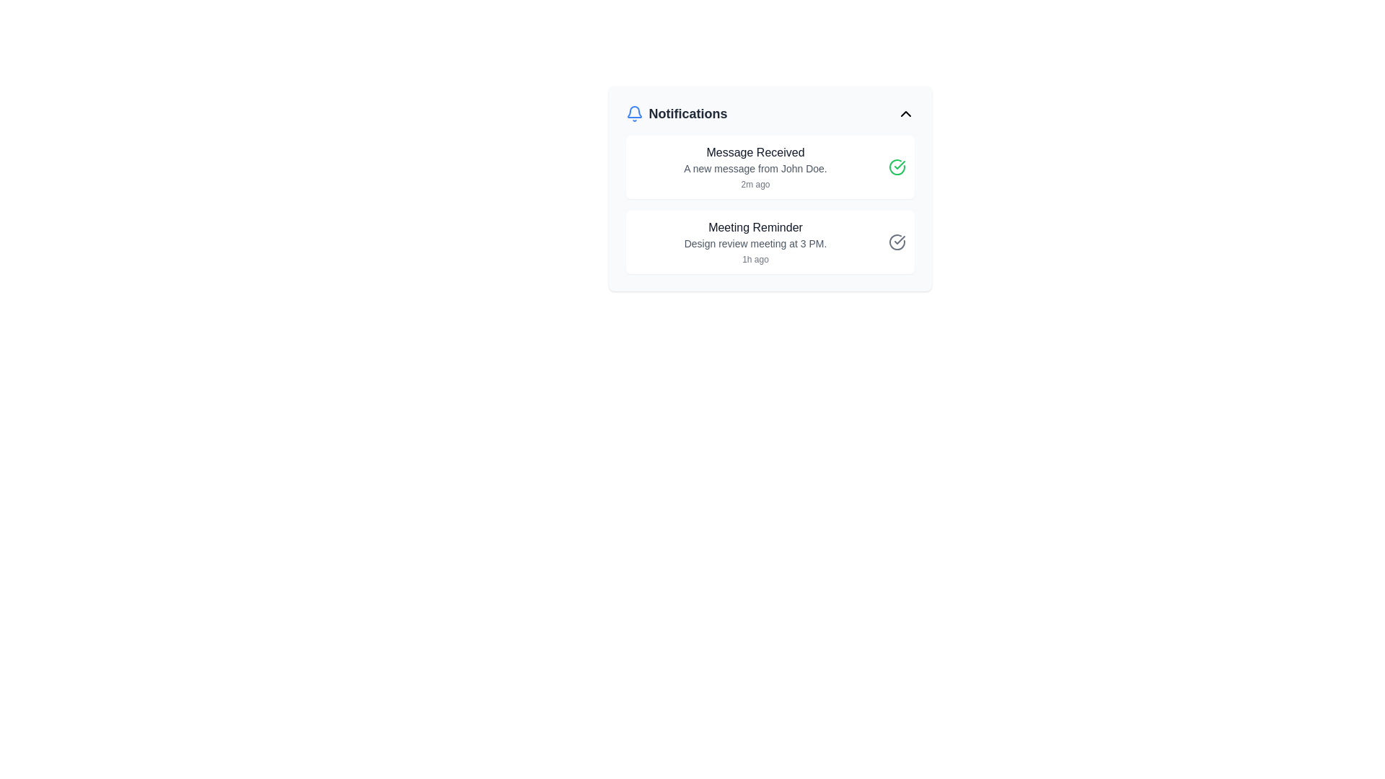  Describe the element at coordinates (755, 227) in the screenshot. I see `the Text label element that serves as the title for the notification, which is centered horizontally in its notification box and positioned above the meeting details` at that location.